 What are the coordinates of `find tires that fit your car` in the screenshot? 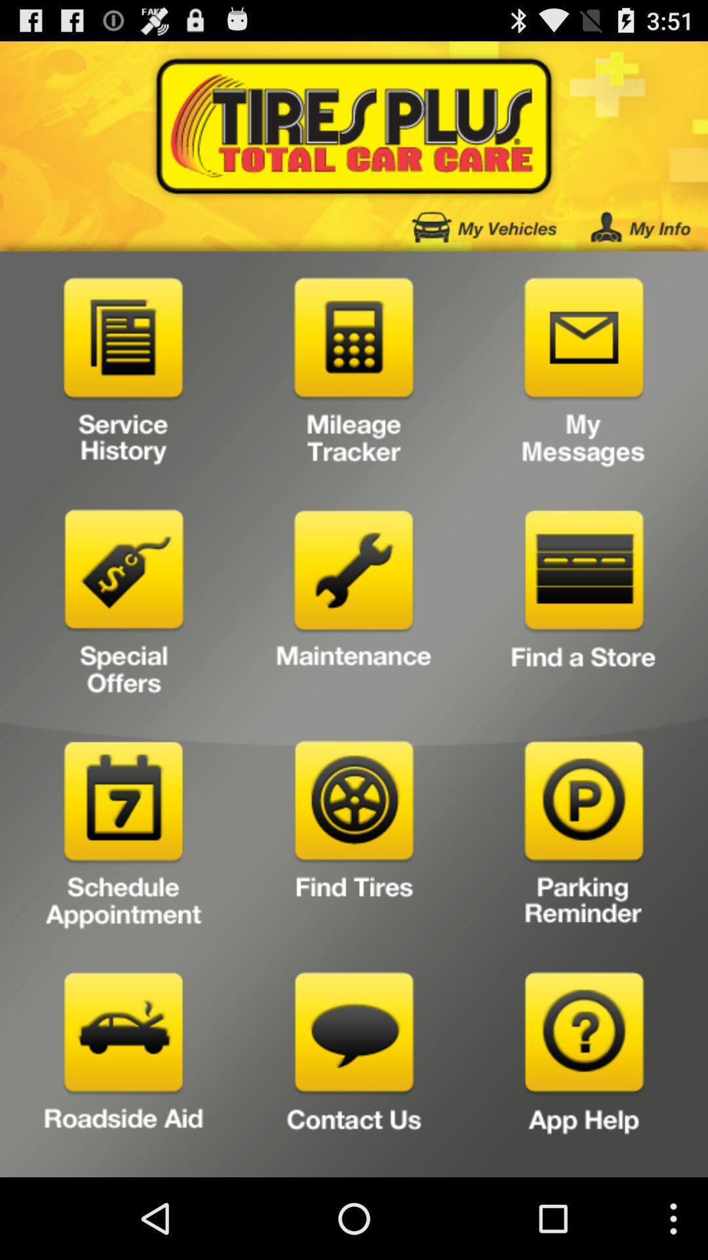 It's located at (354, 838).